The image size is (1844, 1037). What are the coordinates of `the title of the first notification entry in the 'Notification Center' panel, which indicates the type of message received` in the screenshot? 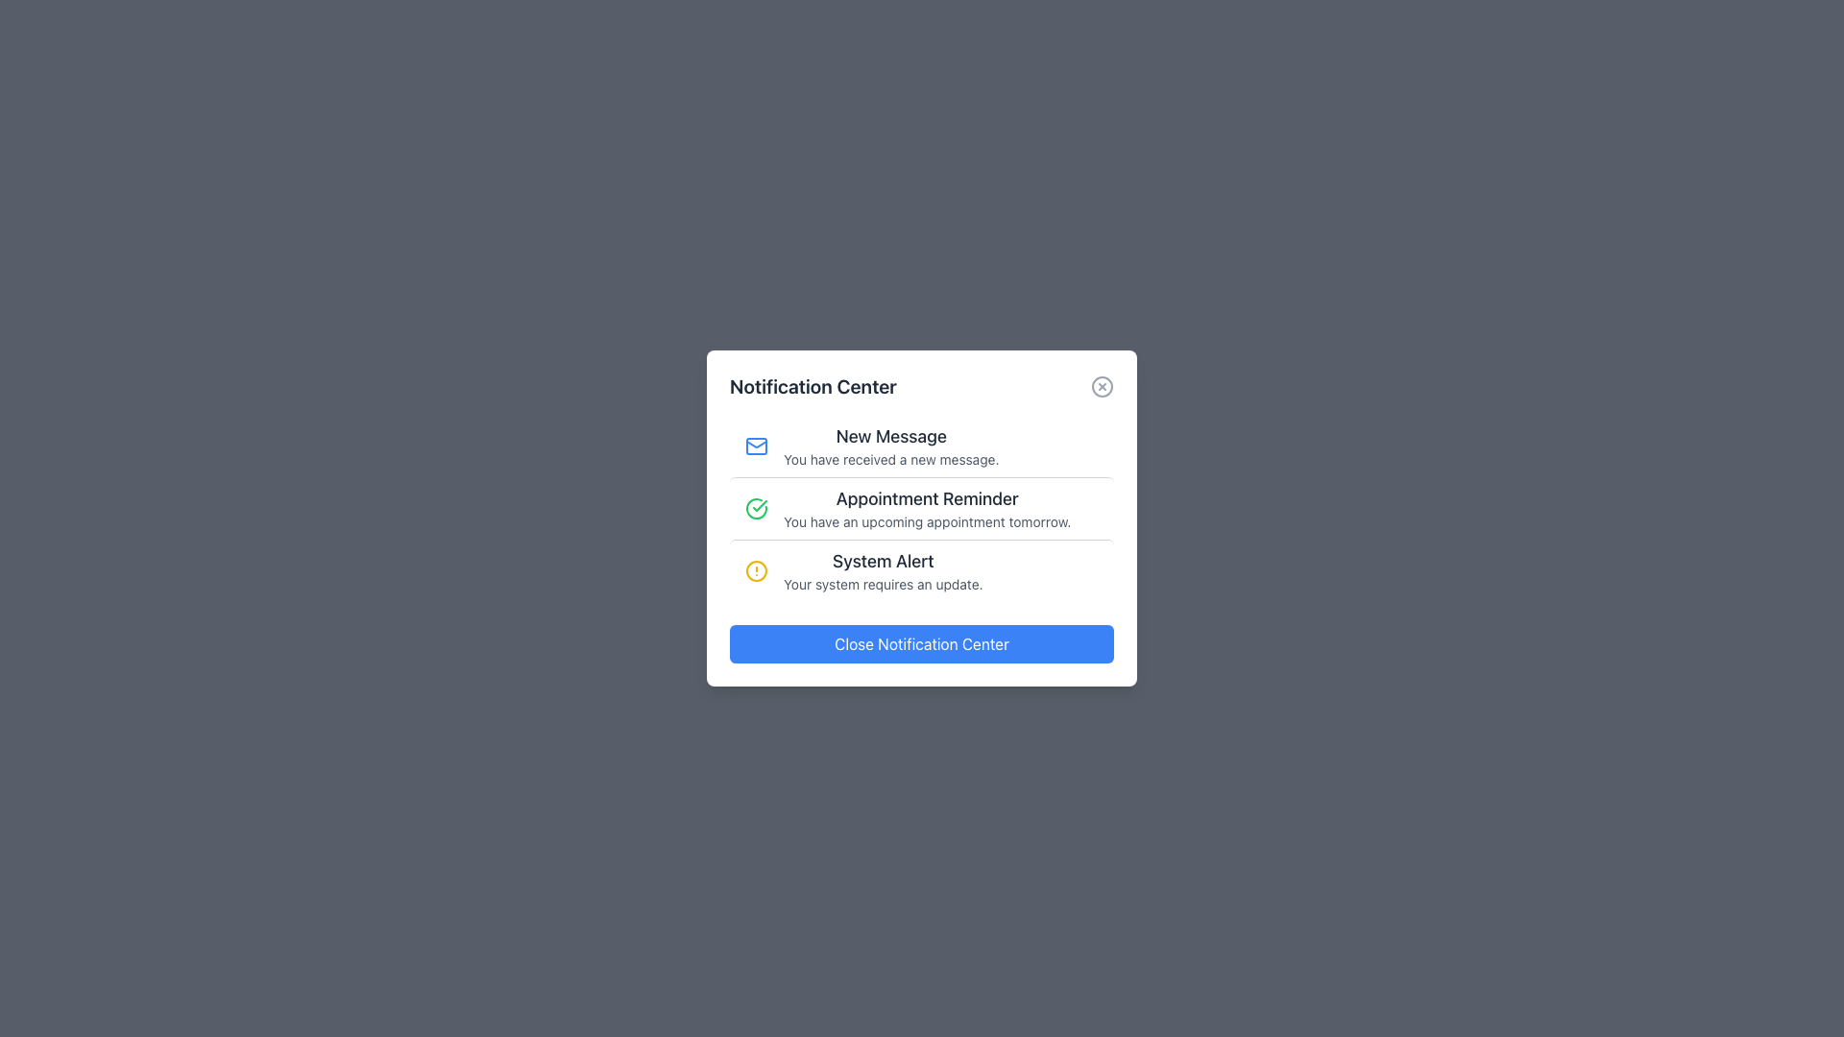 It's located at (890, 437).